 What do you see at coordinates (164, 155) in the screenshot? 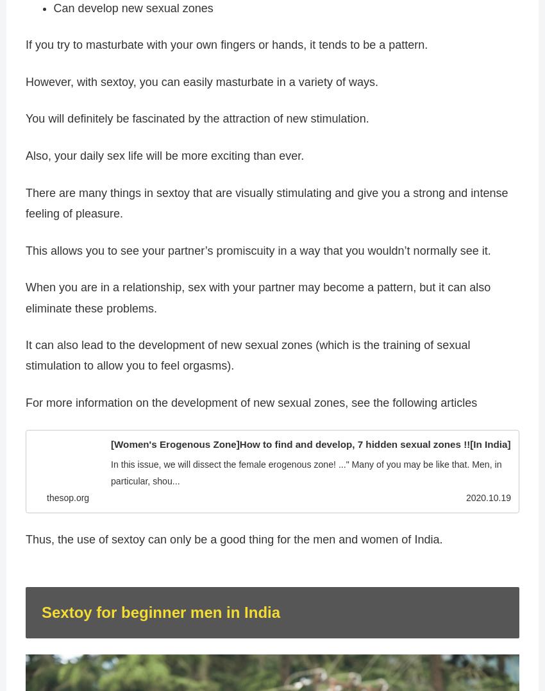
I see `'Also, your daily sex life will be more exciting than ever.'` at bounding box center [164, 155].